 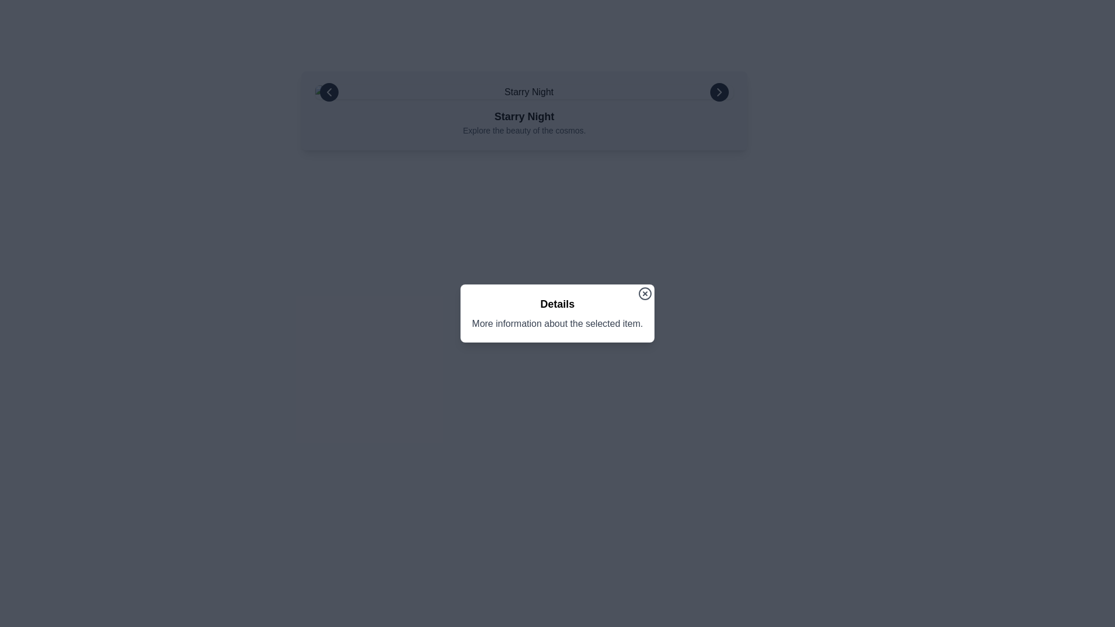 What do you see at coordinates (523, 122) in the screenshot?
I see `the Text Block displaying 'Starry Night' with the subtitle 'Explore the beauty of the cosmos.'` at bounding box center [523, 122].